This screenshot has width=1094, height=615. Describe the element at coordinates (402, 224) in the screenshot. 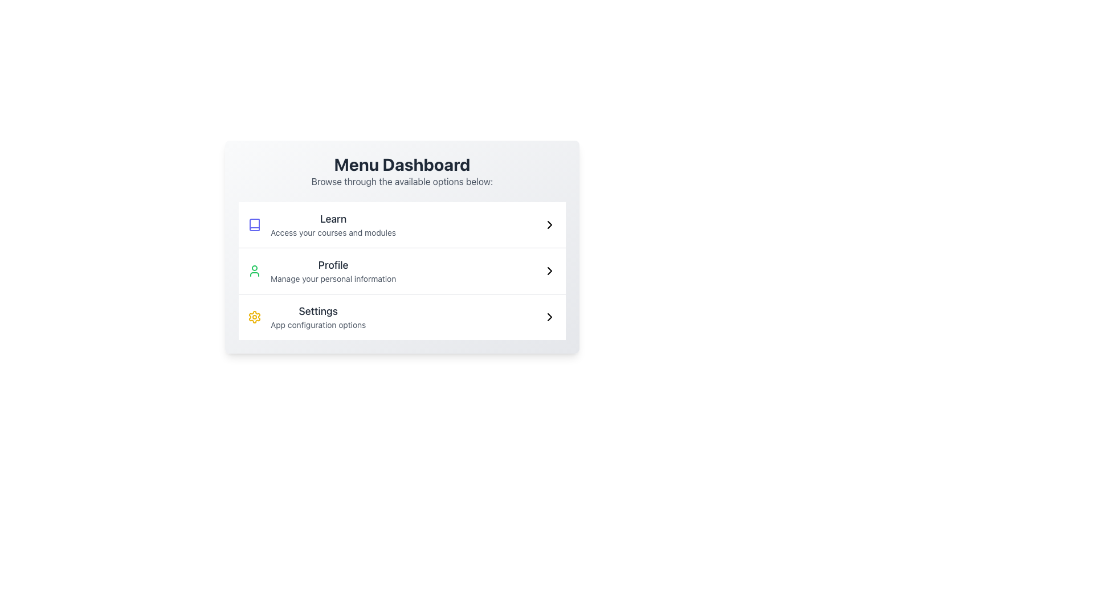

I see `the first list item that redirects users` at that location.